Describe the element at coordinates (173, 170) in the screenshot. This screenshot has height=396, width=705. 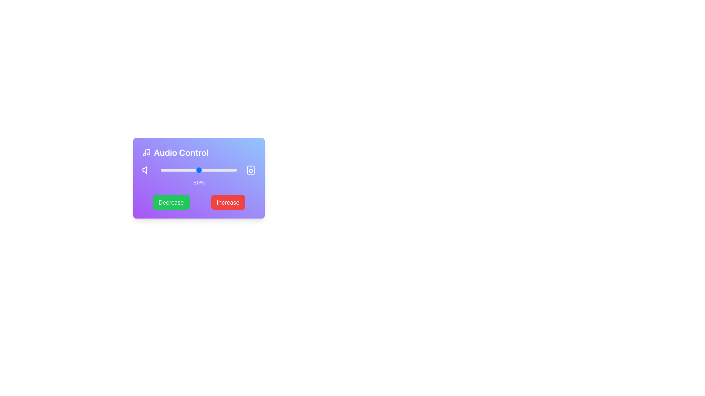
I see `volume` at that location.